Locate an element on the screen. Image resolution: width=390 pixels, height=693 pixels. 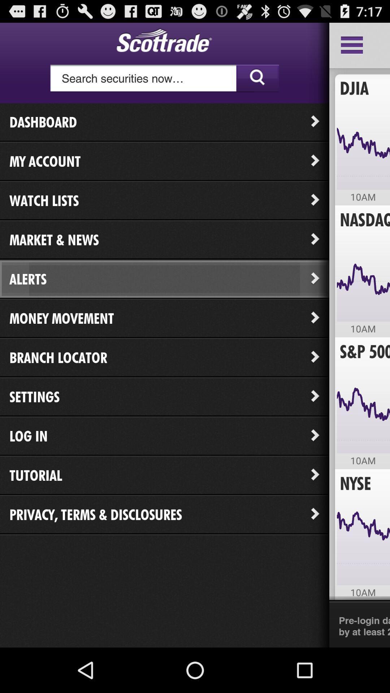
tap to search is located at coordinates (164, 78).